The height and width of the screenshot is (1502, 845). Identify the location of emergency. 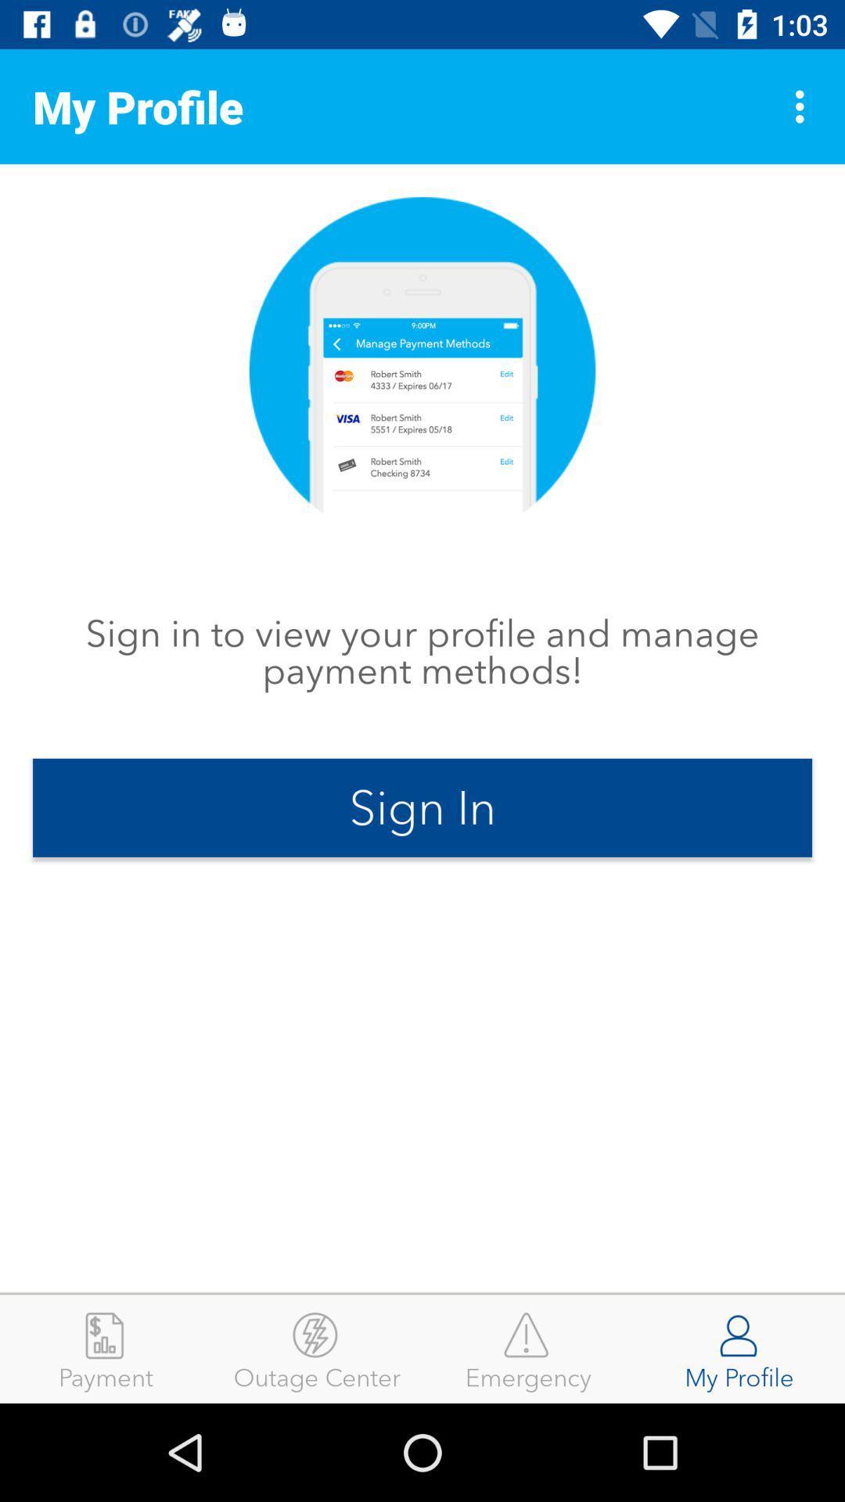
(528, 1348).